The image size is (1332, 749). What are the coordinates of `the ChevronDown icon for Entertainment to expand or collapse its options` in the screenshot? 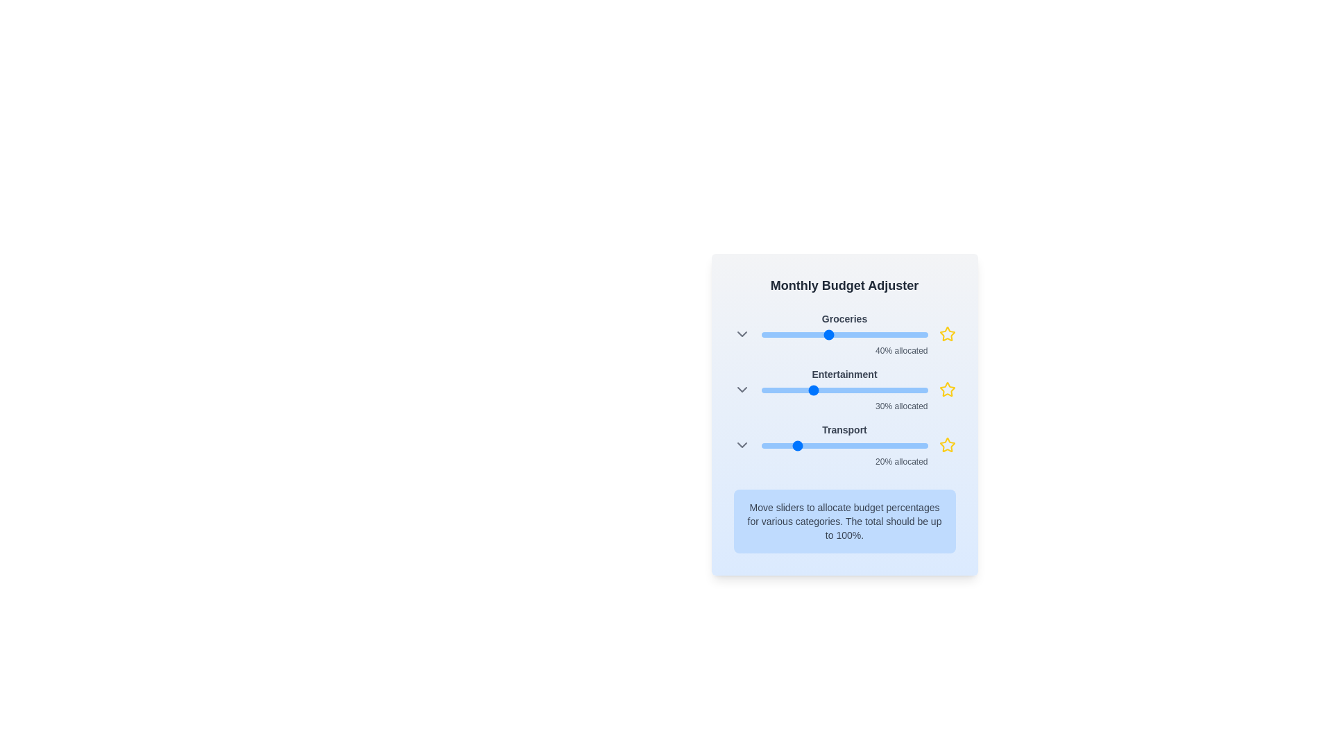 It's located at (741, 390).